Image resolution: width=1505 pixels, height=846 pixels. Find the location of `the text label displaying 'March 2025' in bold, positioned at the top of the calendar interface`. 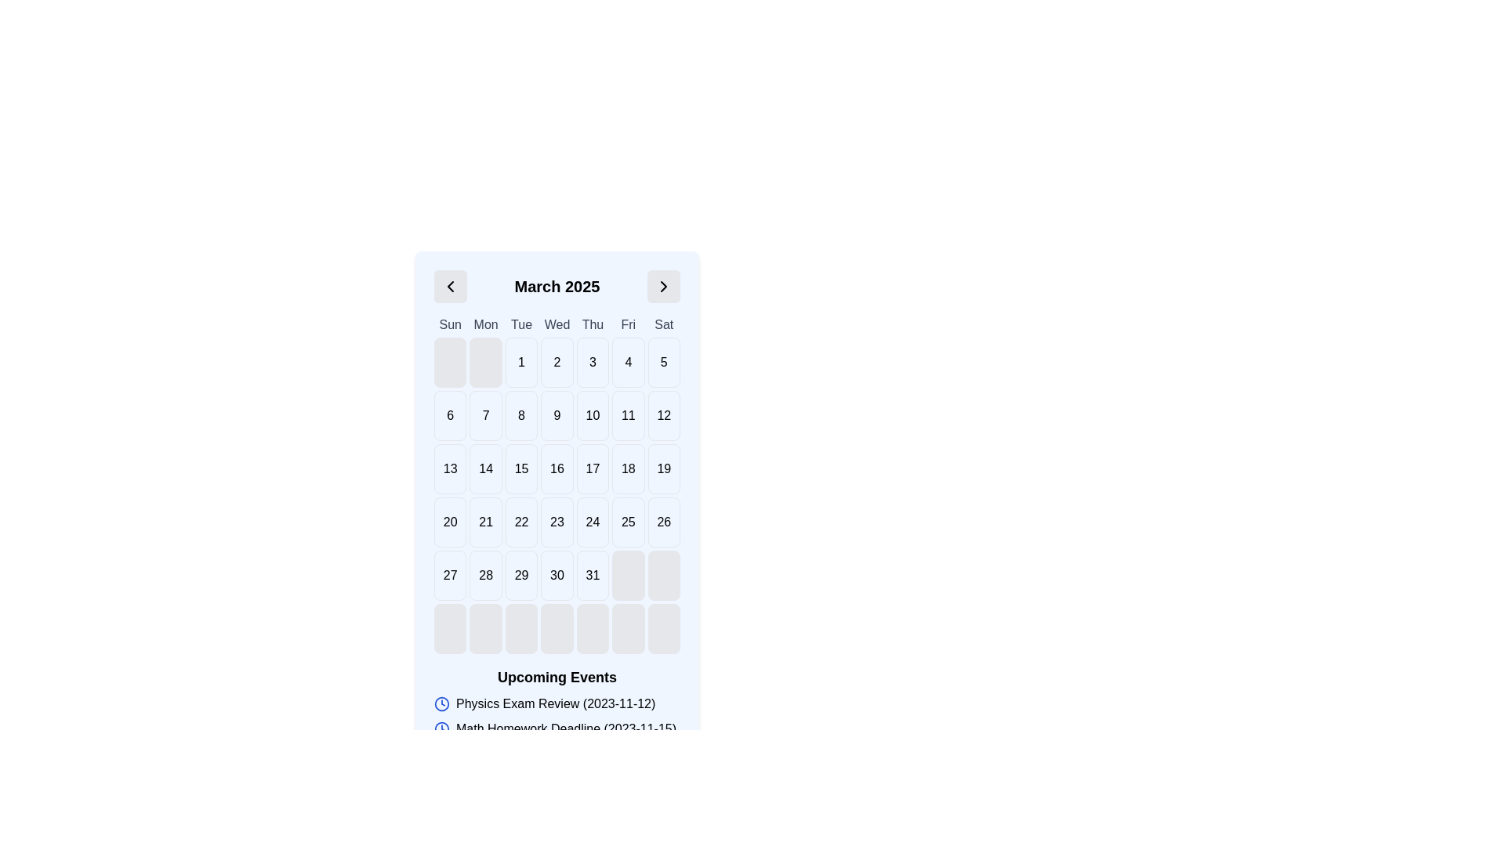

the text label displaying 'March 2025' in bold, positioned at the top of the calendar interface is located at coordinates (557, 287).